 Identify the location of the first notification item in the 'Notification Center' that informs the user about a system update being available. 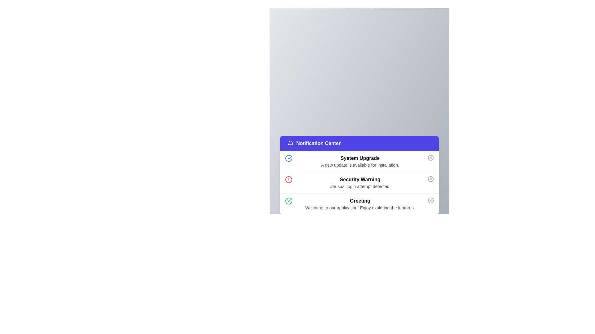
(360, 161).